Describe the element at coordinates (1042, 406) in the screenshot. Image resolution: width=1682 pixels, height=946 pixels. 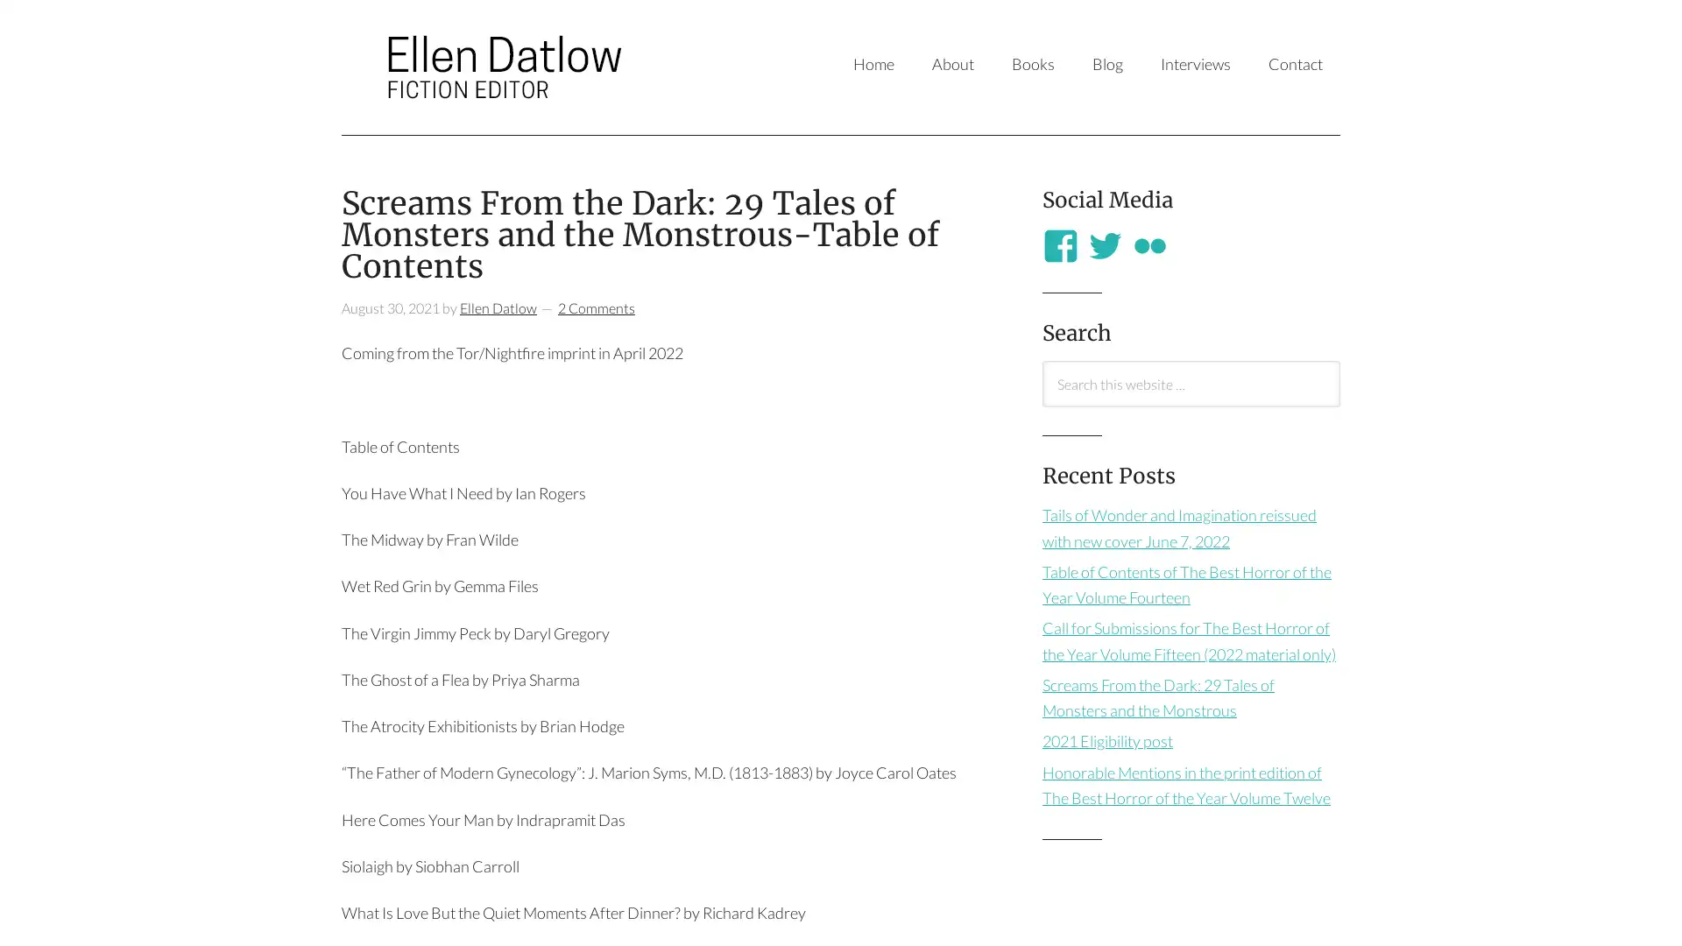
I see `Search` at that location.